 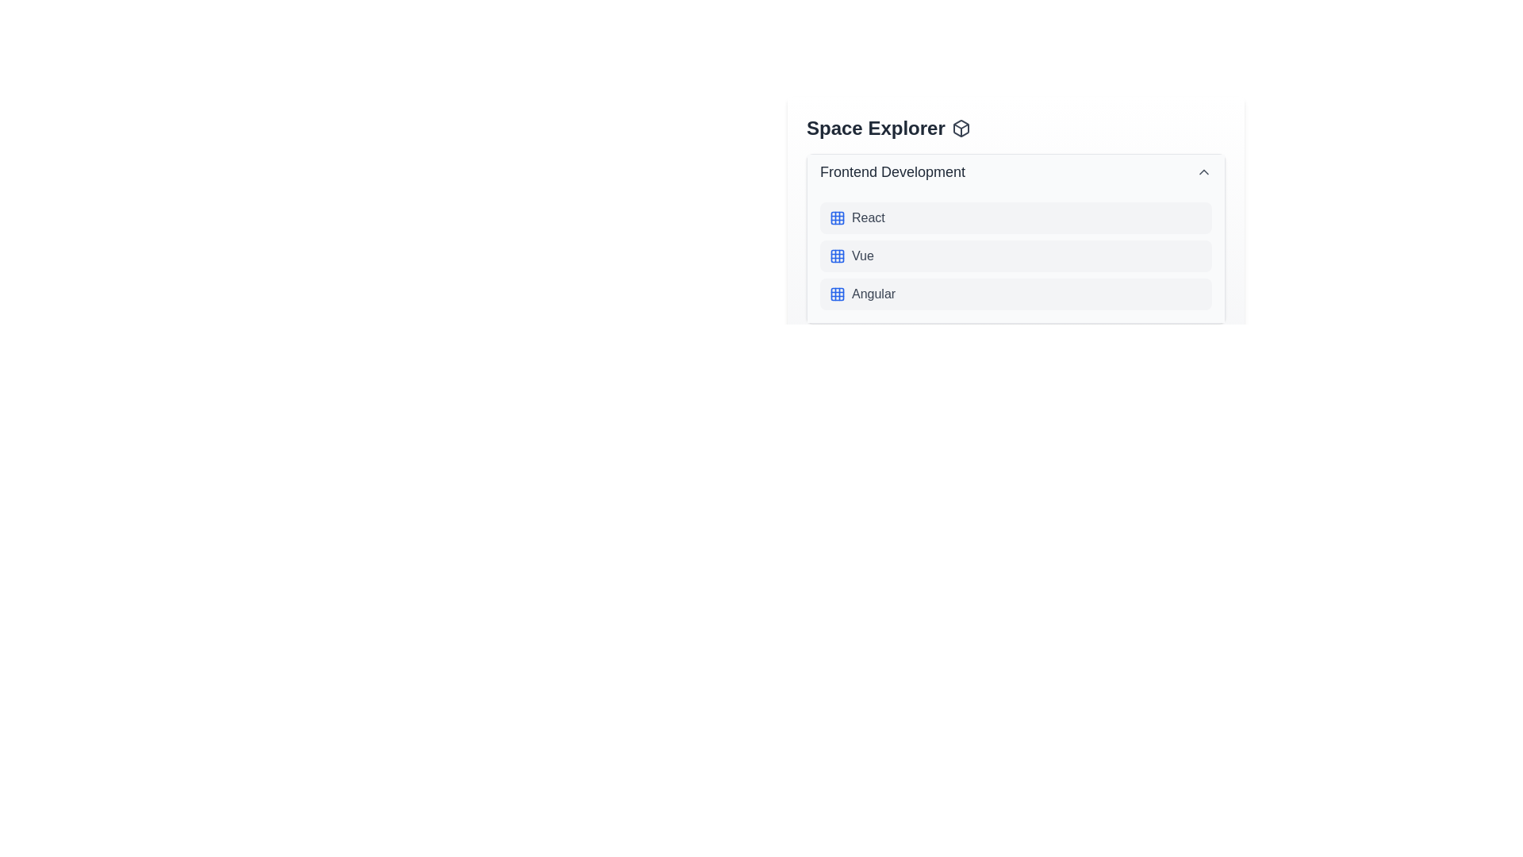 What do you see at coordinates (867, 217) in the screenshot?
I see `the Text Label that identifies the 'React' item in the list under the 'Frontend Development' section` at bounding box center [867, 217].